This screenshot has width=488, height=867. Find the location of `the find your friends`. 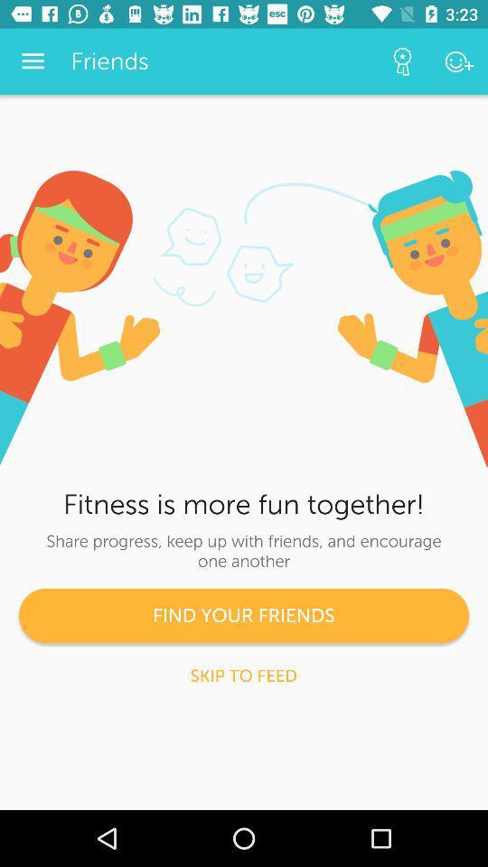

the find your friends is located at coordinates (244, 615).